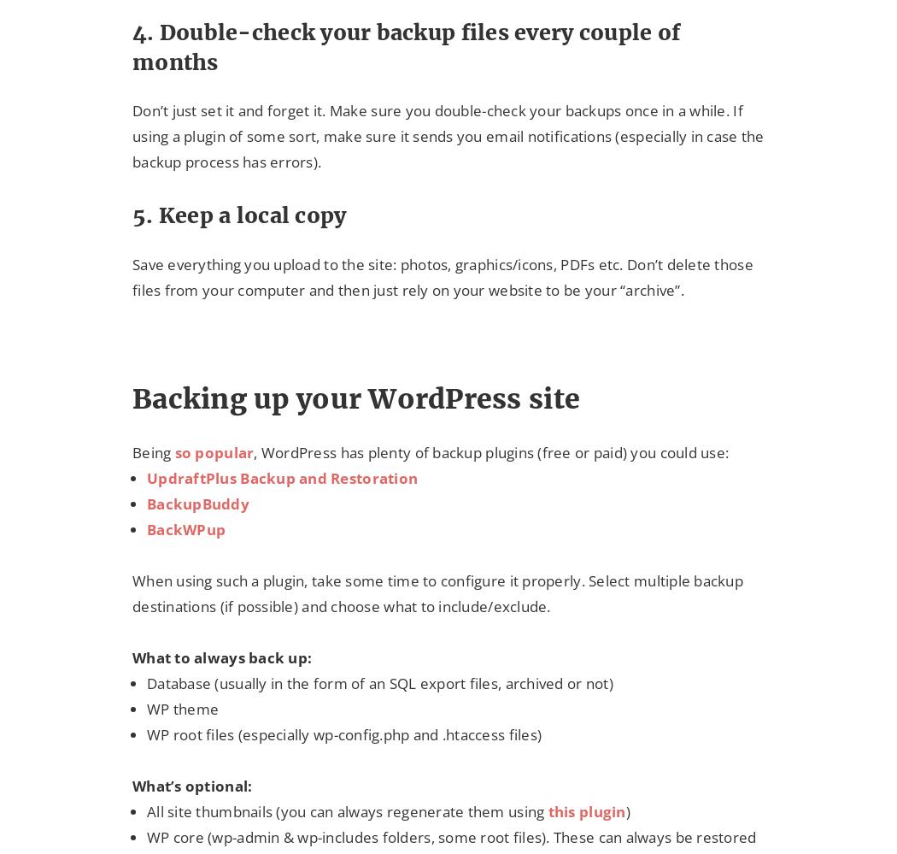 This screenshot has height=854, width=897. Describe the element at coordinates (214, 451) in the screenshot. I see `'so popular'` at that location.